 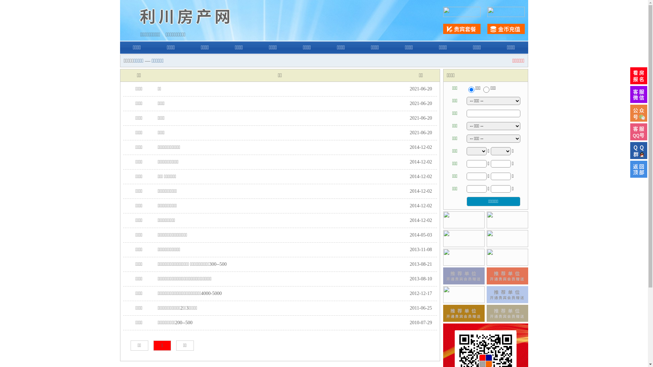 What do you see at coordinates (161, 346) in the screenshot?
I see `'1'` at bounding box center [161, 346].